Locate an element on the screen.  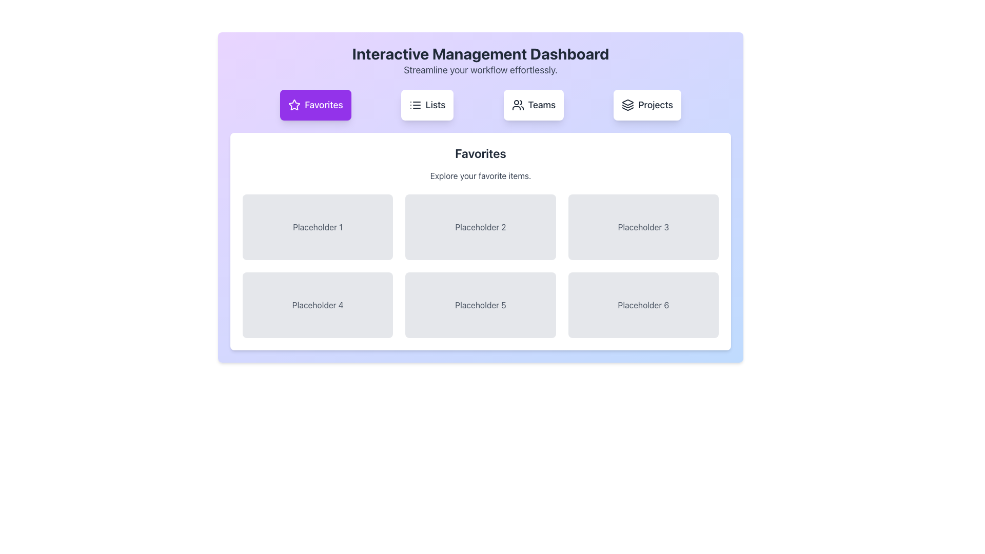
the star-shaped icon located on the left side of the 'Favorites' button is located at coordinates (294, 105).